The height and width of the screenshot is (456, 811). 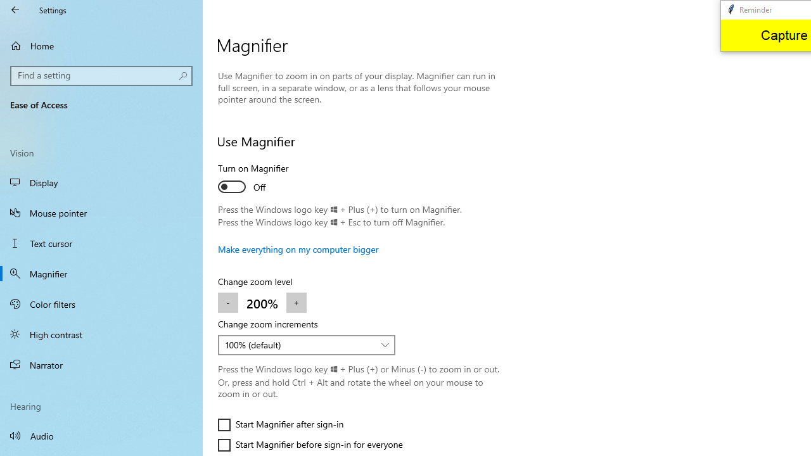 I want to click on '100% (default)', so click(x=299, y=345).